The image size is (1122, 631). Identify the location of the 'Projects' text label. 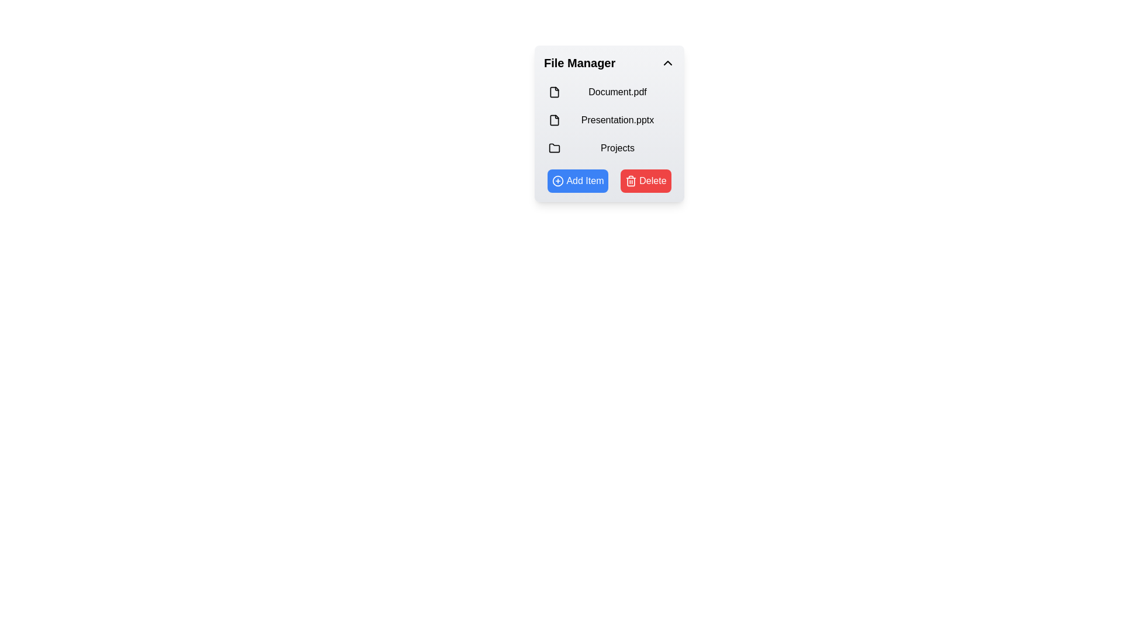
(617, 148).